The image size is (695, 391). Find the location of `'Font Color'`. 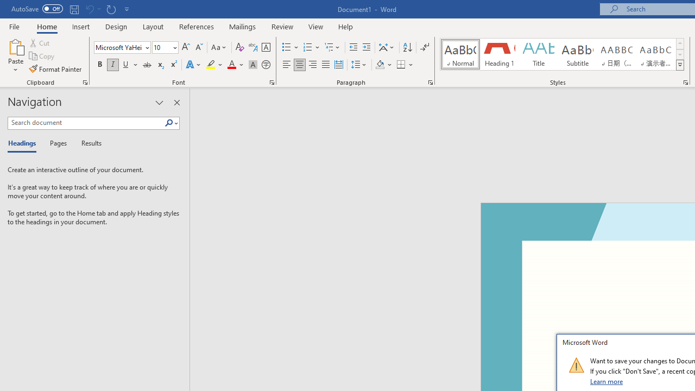

'Font Color' is located at coordinates (235, 65).